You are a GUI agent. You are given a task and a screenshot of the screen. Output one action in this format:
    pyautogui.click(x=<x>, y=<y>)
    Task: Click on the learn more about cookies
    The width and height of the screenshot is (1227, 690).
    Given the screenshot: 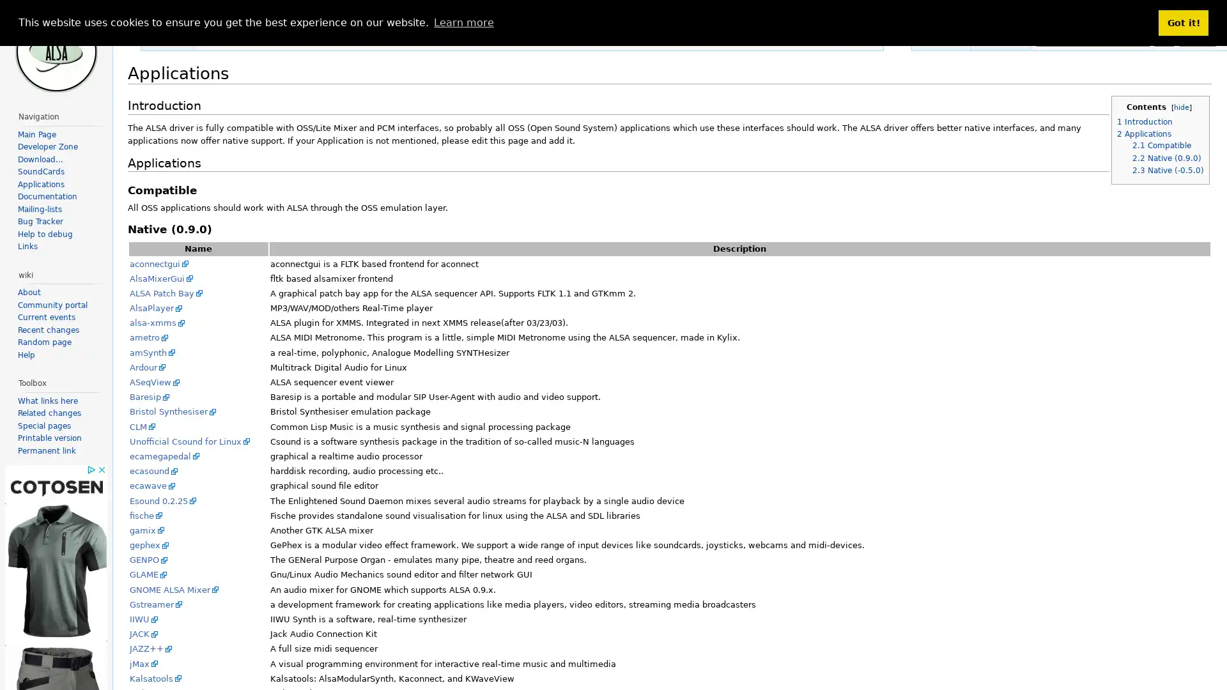 What is the action you would take?
    pyautogui.click(x=463, y=22)
    